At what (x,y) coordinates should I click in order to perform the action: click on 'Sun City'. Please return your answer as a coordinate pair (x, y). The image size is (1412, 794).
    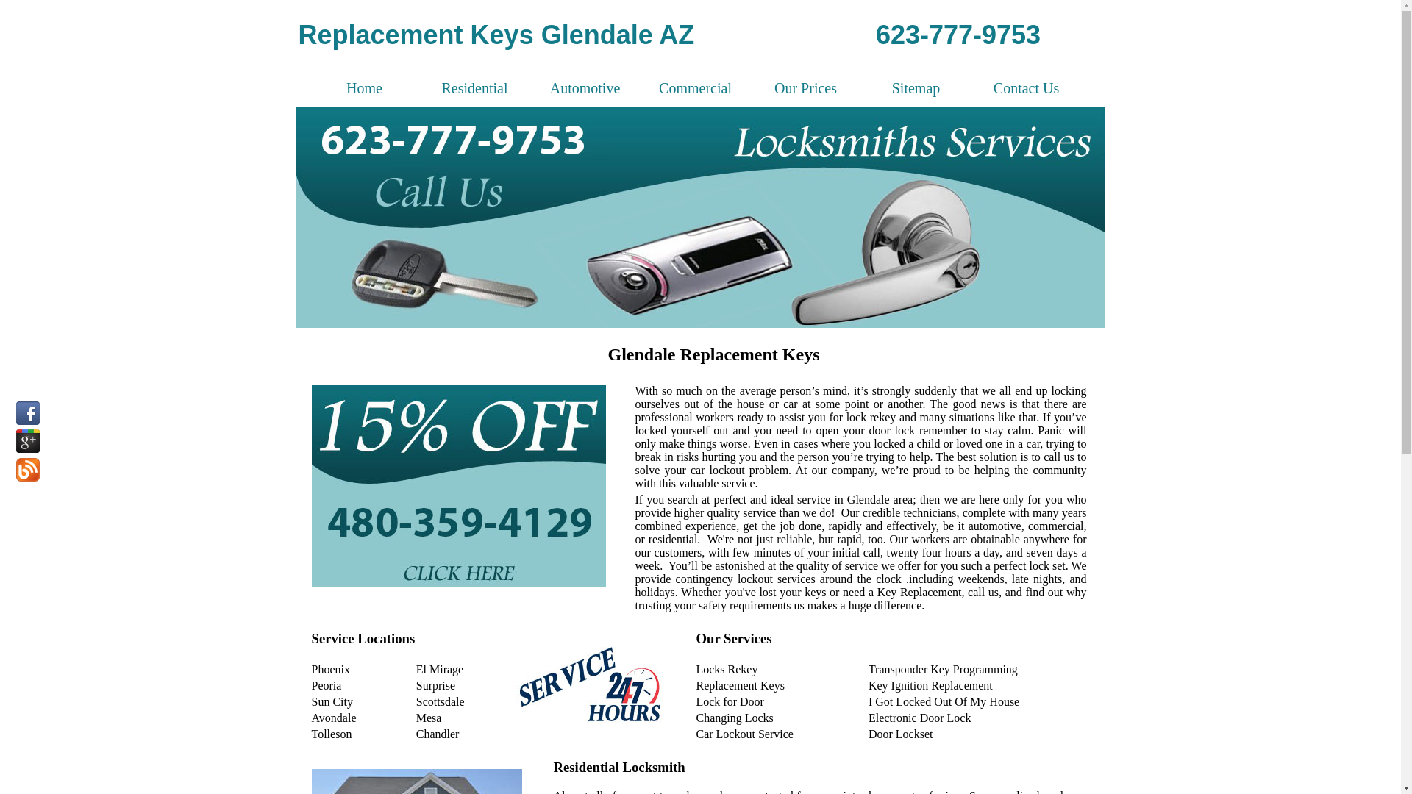
    Looking at the image, I should click on (310, 701).